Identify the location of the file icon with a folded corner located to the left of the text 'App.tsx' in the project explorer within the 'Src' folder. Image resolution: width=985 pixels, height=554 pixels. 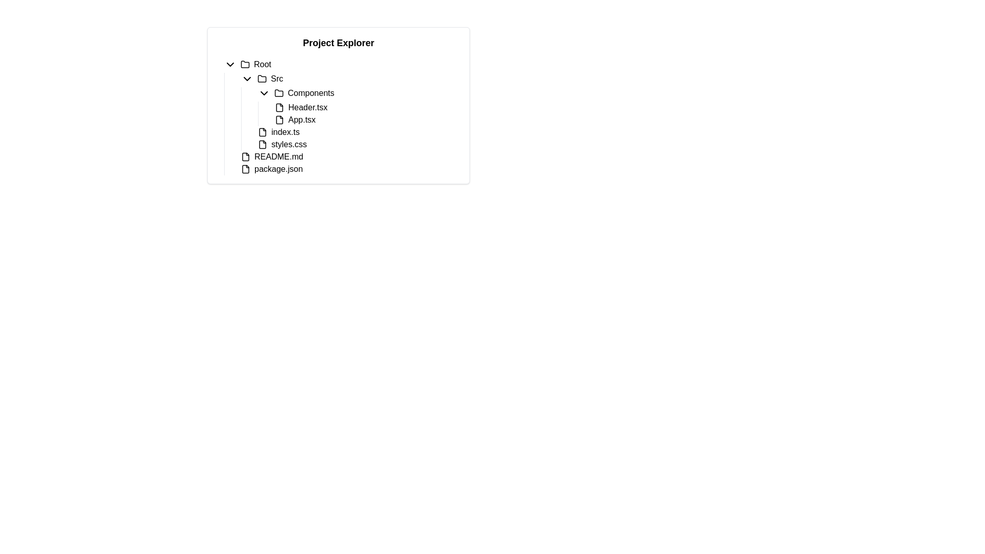
(280, 120).